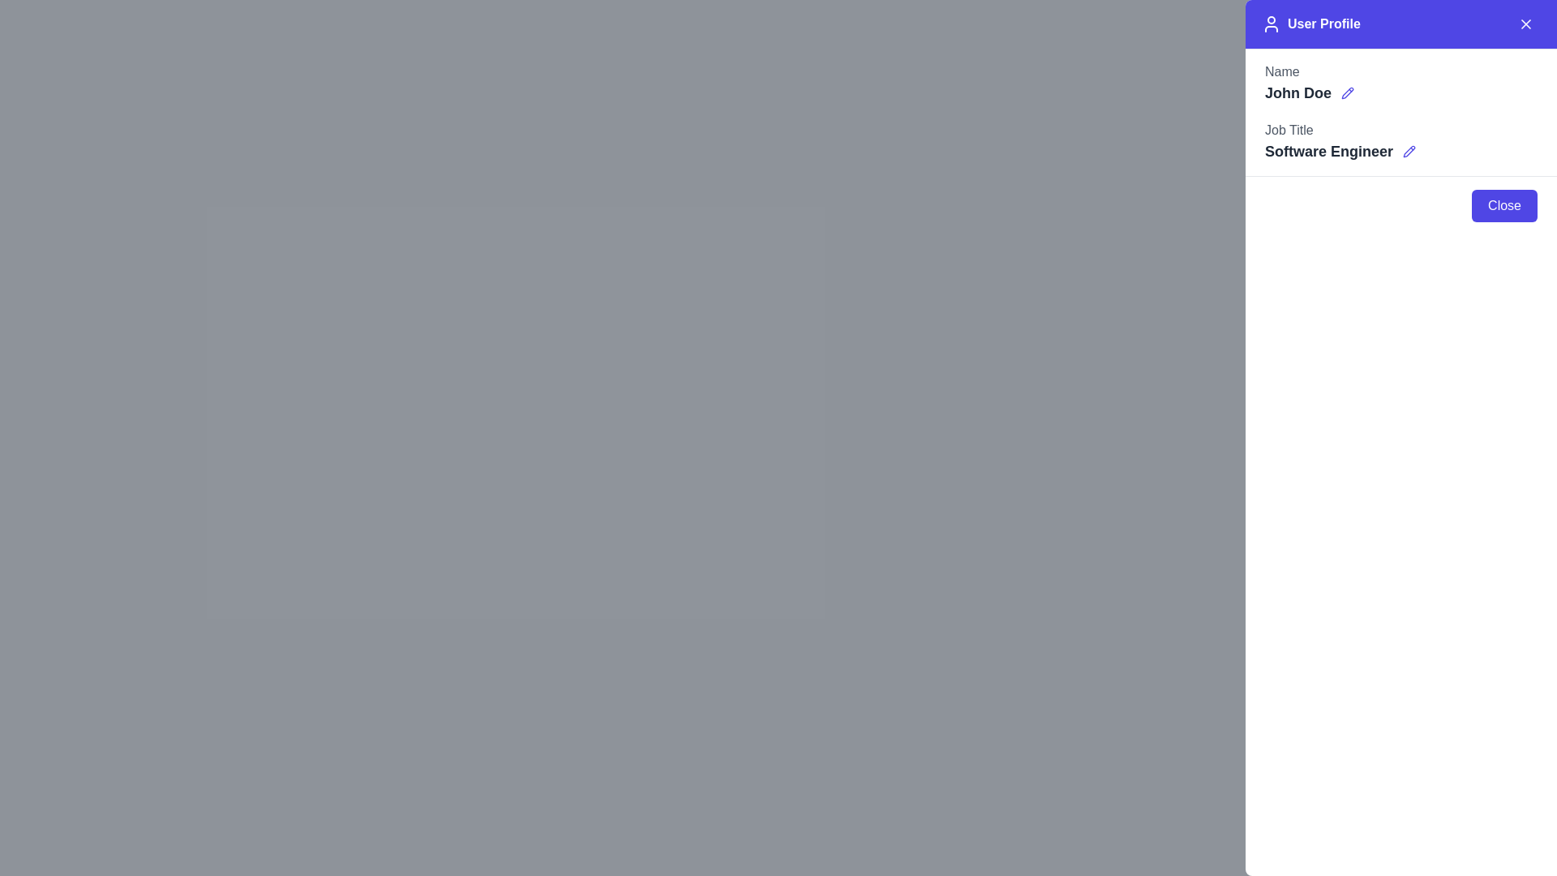 Image resolution: width=1557 pixels, height=876 pixels. Describe the element at coordinates (1271, 24) in the screenshot. I see `the profile icon located at the top of the profile panel, positioned to the left of the 'User Profile' text` at that location.